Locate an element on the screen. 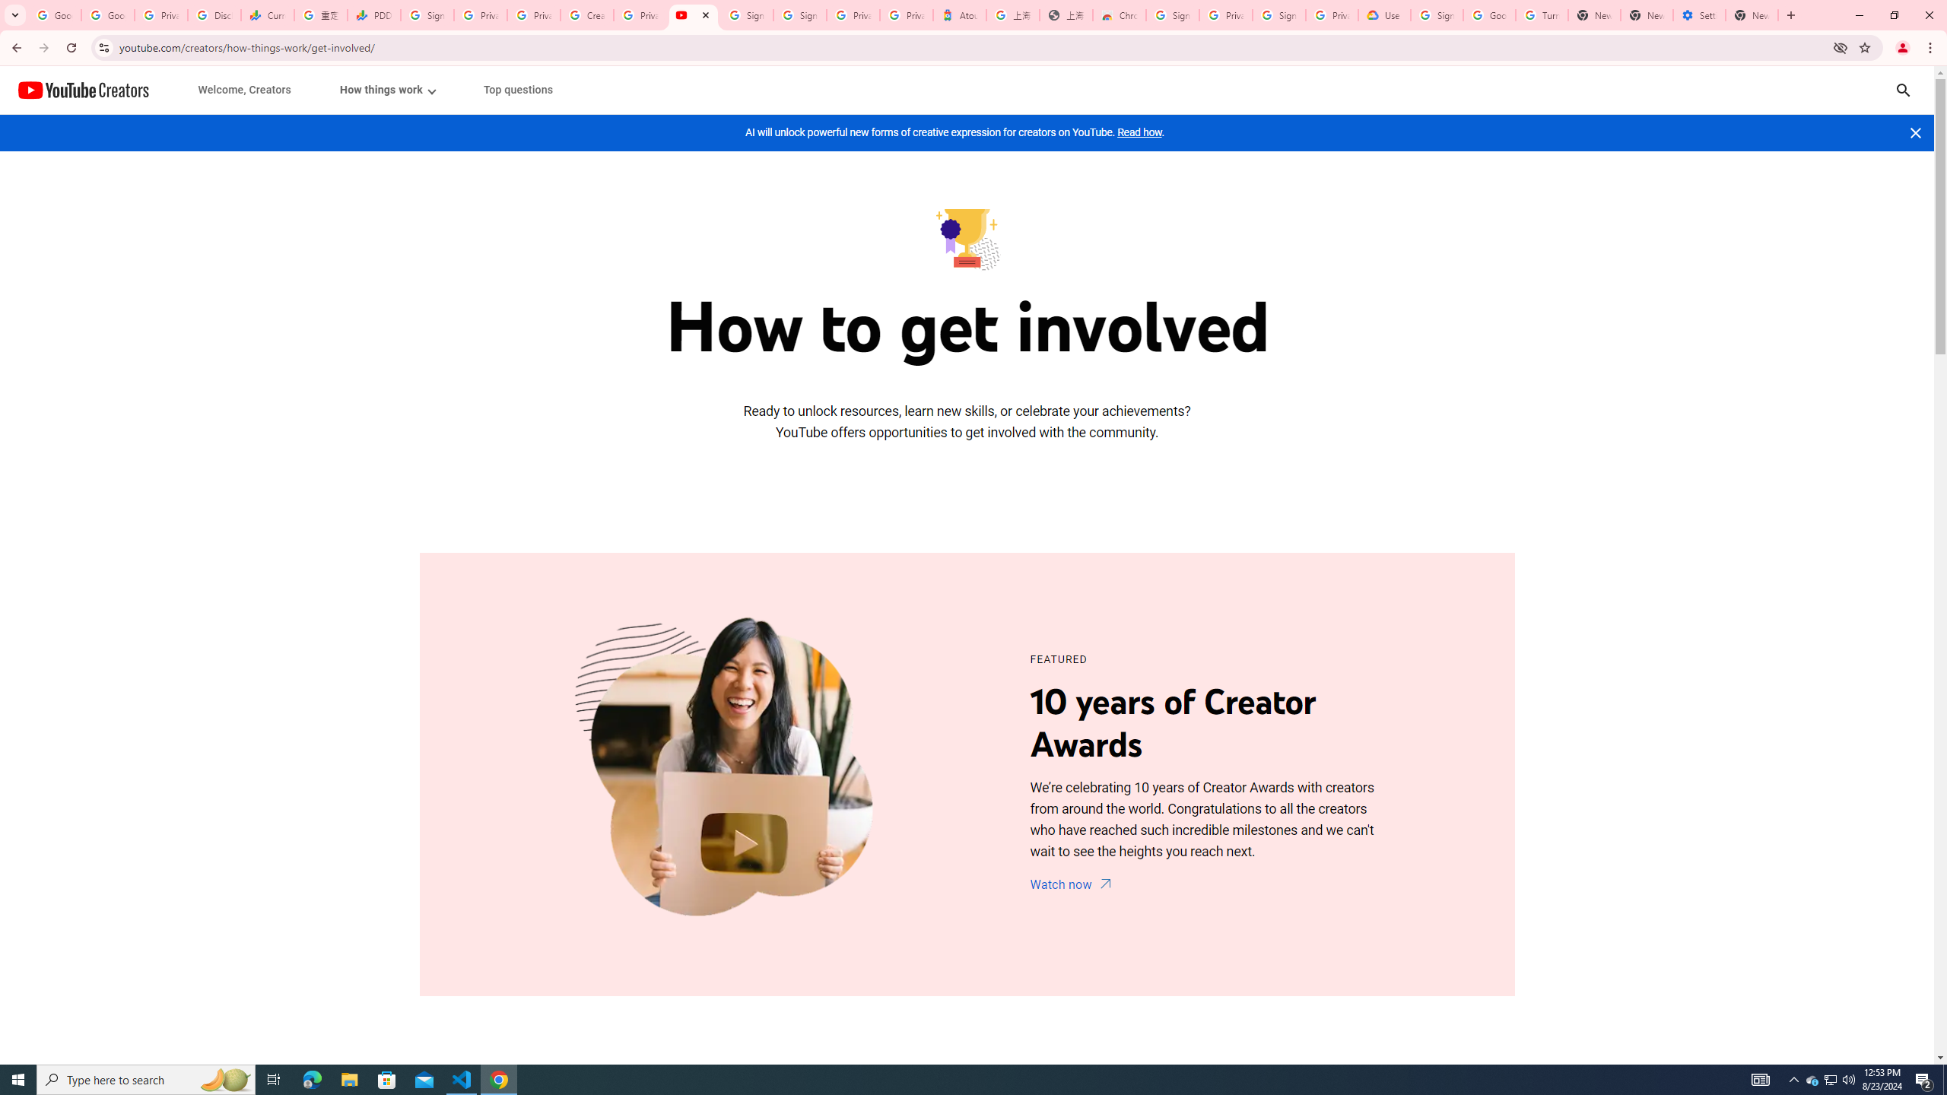 This screenshot has width=1947, height=1095. 'PDD Holdings Inc - ADR (PDD) Price & News - Google Finance' is located at coordinates (373, 14).